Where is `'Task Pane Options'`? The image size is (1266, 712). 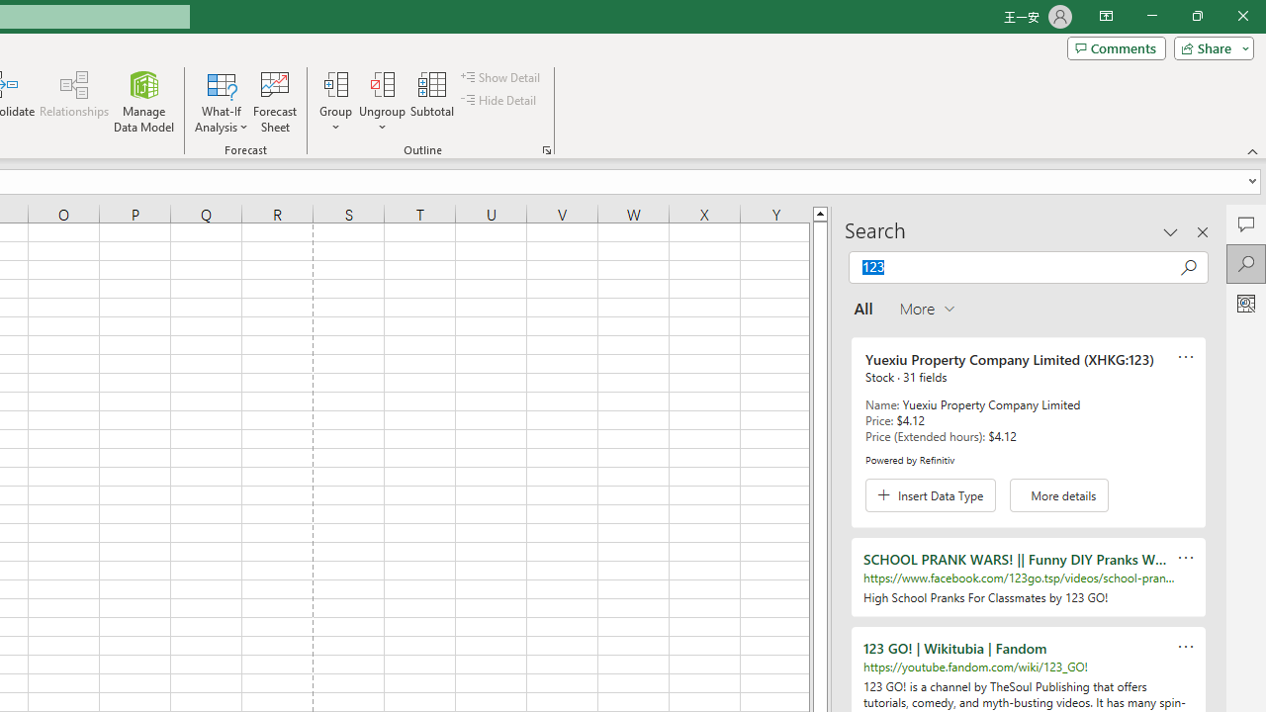
'Task Pane Options' is located at coordinates (1171, 231).